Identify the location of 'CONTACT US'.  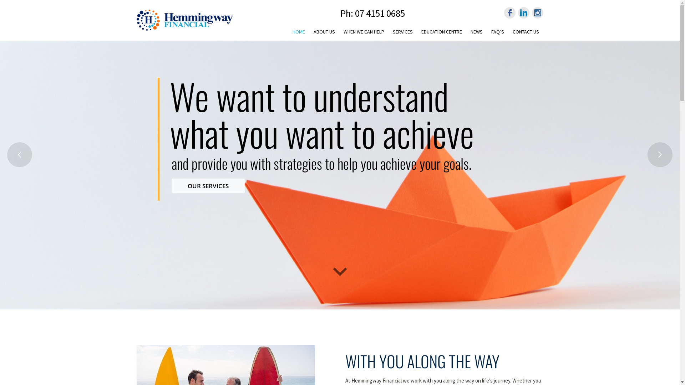
(508, 30).